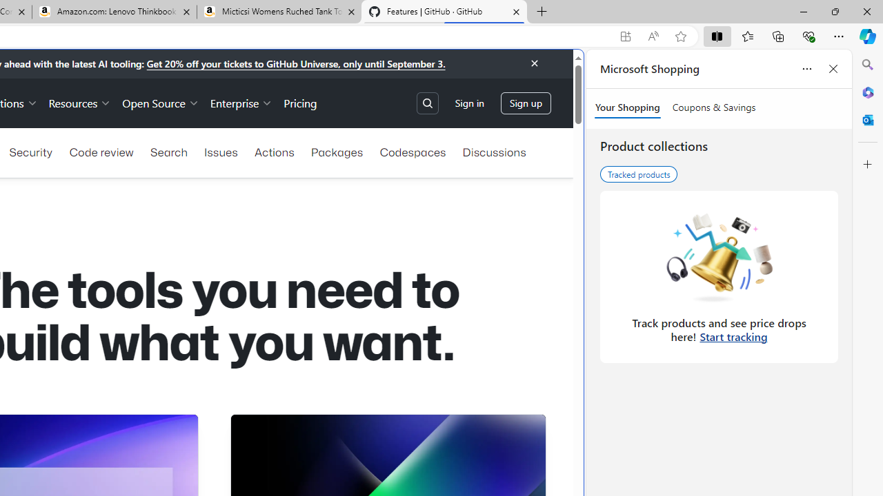 The height and width of the screenshot is (496, 883). I want to click on 'Pricing', so click(299, 102).